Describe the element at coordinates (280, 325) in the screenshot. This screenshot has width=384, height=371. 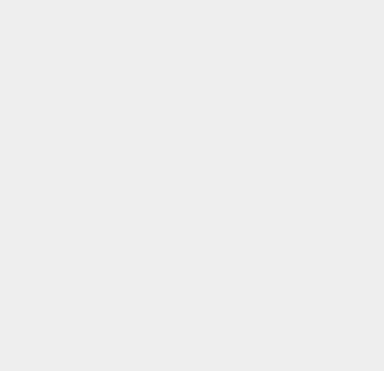
I see `'iPad Air'` at that location.